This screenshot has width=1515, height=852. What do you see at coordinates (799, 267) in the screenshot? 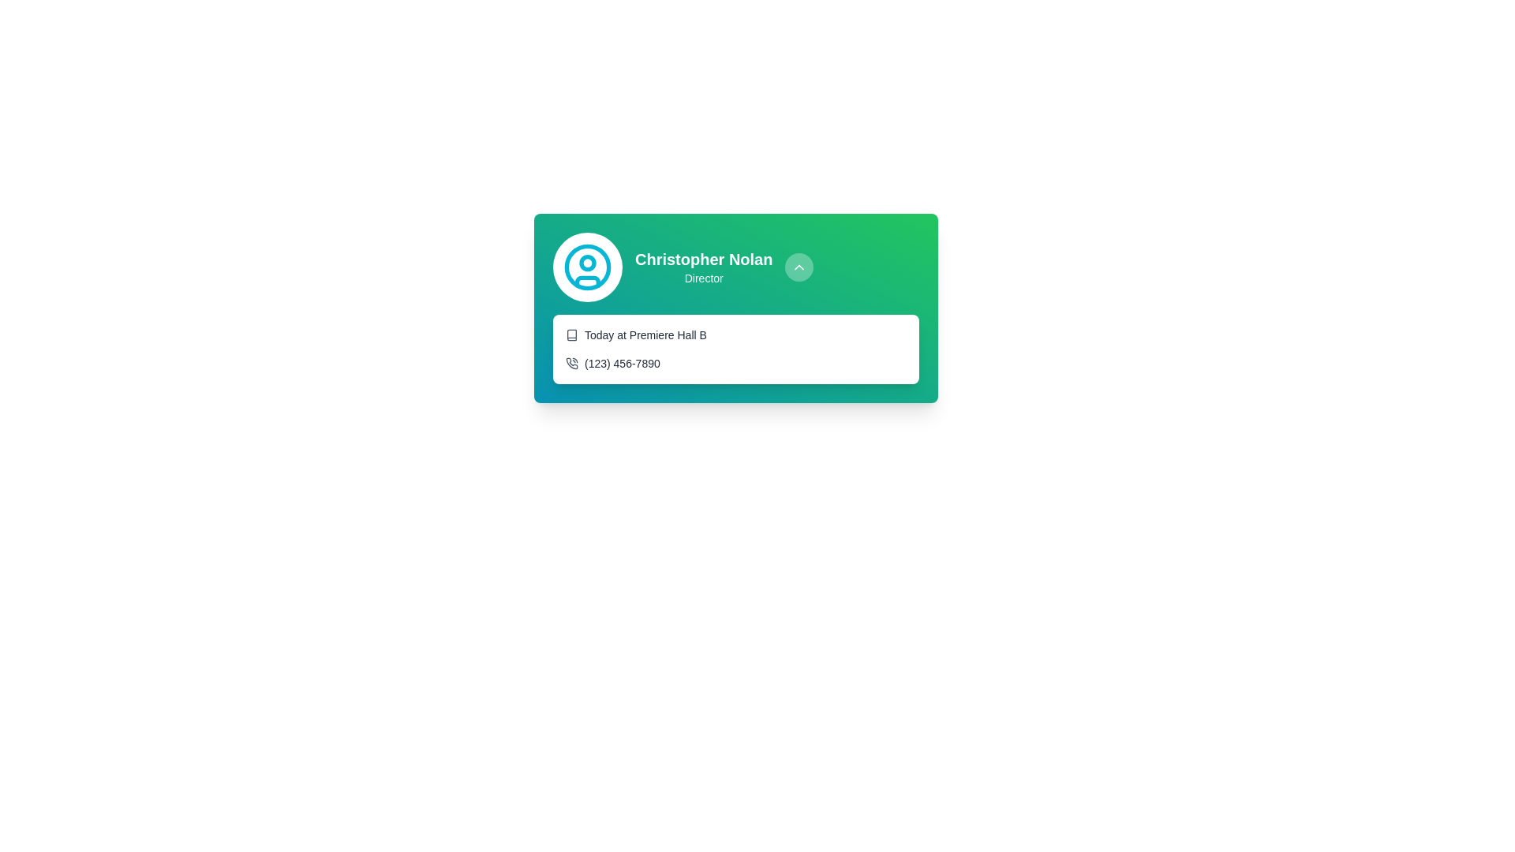
I see `the circular button with a semi-transparent white background and an upward-pointing arrow icon` at bounding box center [799, 267].